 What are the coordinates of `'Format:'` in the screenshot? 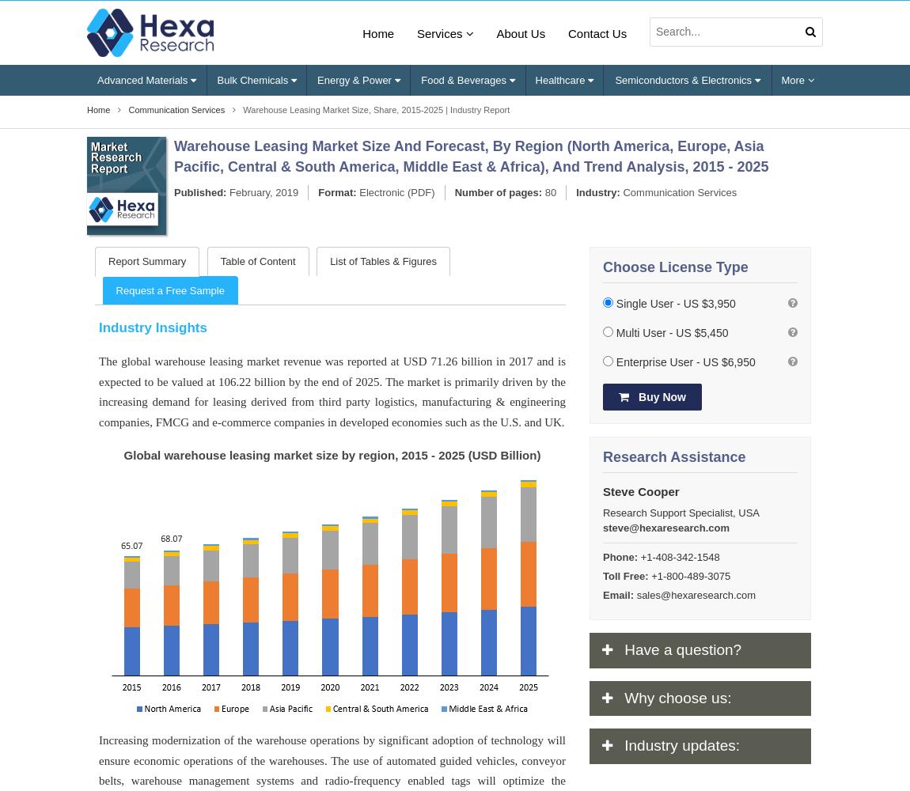 It's located at (336, 191).